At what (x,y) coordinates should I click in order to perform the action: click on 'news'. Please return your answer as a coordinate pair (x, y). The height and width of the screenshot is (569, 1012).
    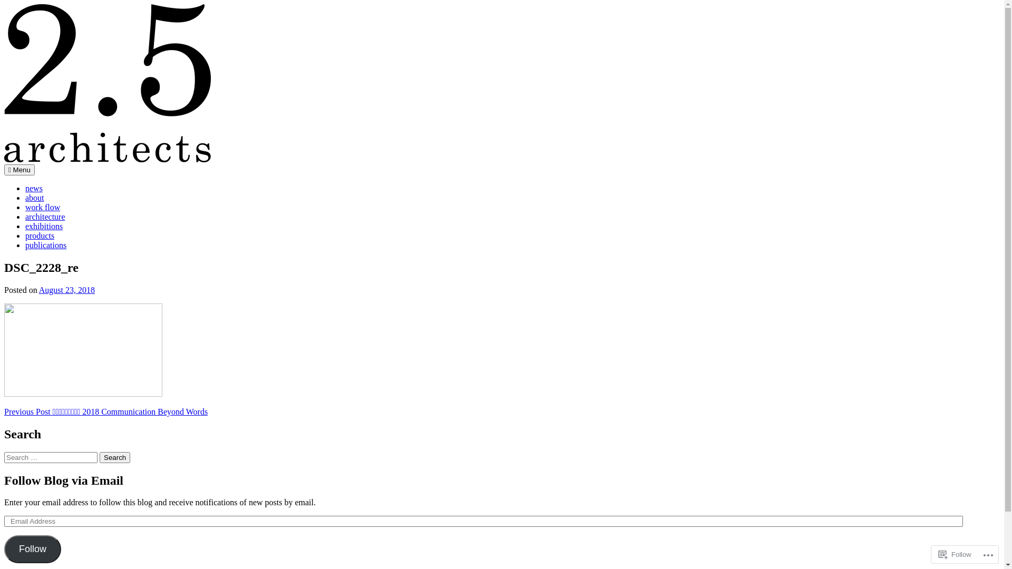
    Looking at the image, I should click on (34, 188).